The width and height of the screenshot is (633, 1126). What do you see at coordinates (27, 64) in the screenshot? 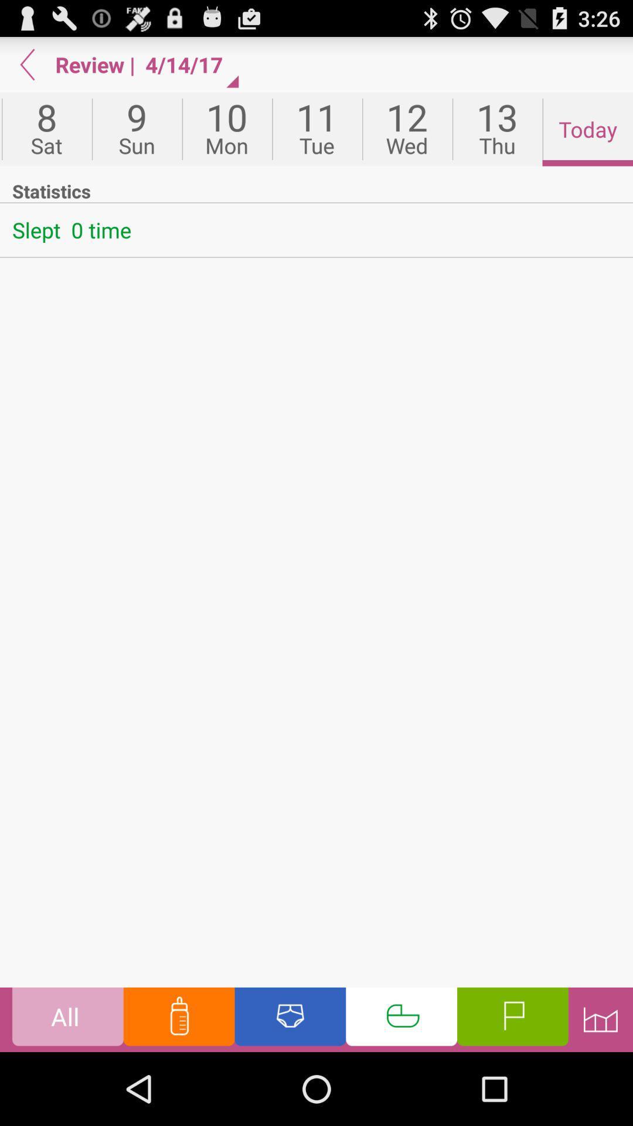
I see `app to the left of review app` at bounding box center [27, 64].